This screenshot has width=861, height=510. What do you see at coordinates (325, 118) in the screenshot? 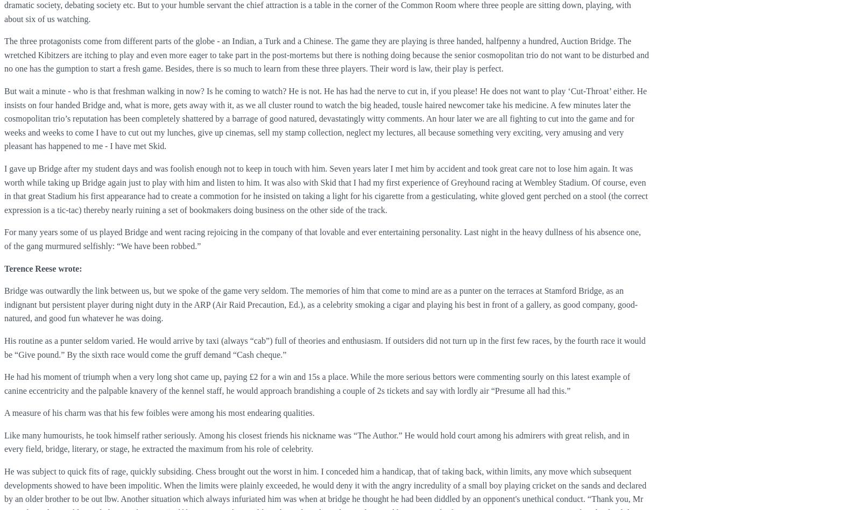
I see `'But wait a minute - who is that freshman walking in now?  Is he coming to watch?  He is not.  He has had the nerve to cut in, if you please!  He does not want to play ‘Cut-Throat’ either.  He insists on four handed Bridge and, what is more, gets away with it, as we all cluster round to watch the big headed, tousle haired newcomer take his medicine.  A few minutes later the cosmopolitan trio’s reputation has been completely shattered by a barrage of good natured, devastatingly witty comments.  An hour later we are all fighting to cut into the game and for weeks and weeks to come I have to cut out my lunches, give up cinemas, sell my stamp collection, neglect my lectures, all because something very exciting, very amusing and very pleasant has happened to me - I have met Skid.'` at bounding box center [325, 118].